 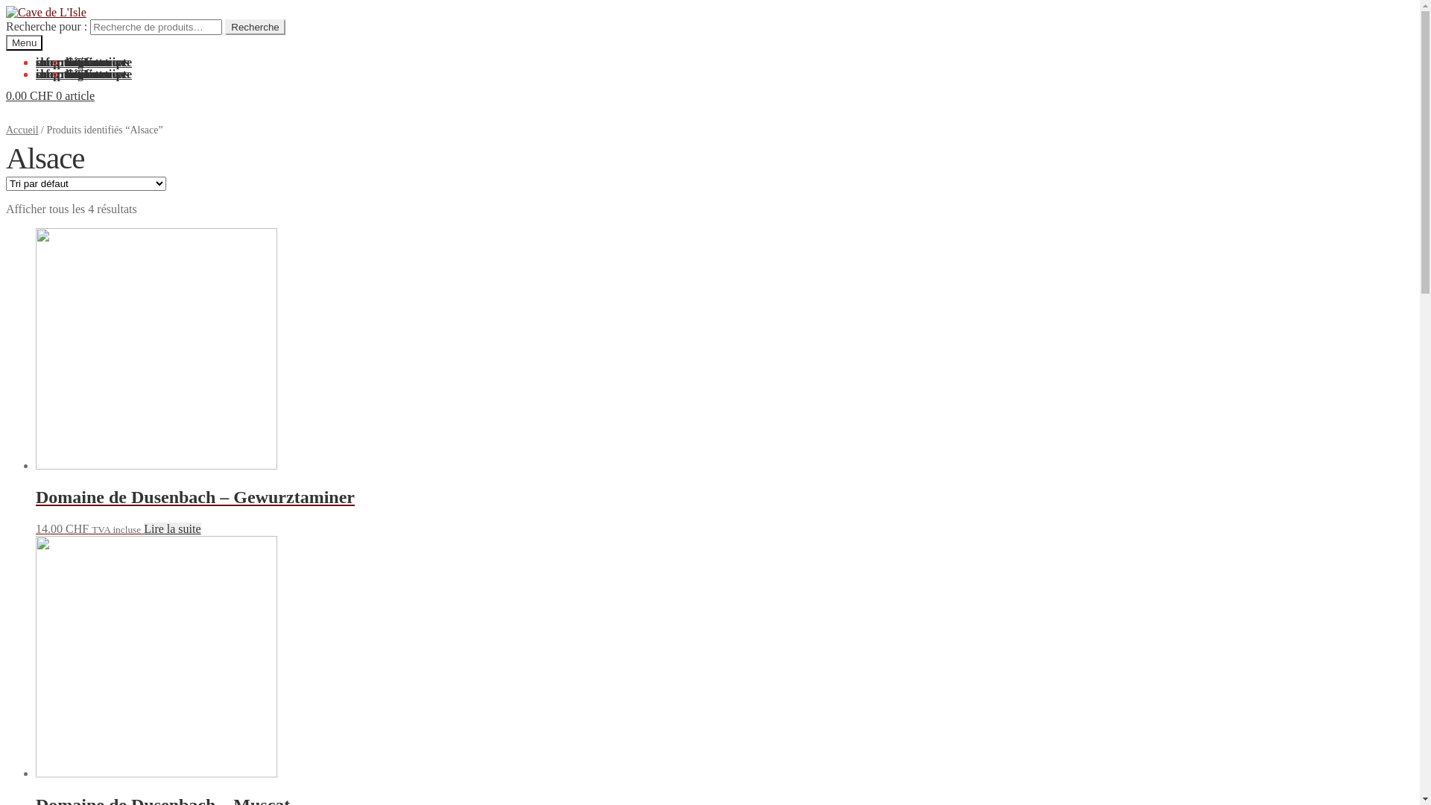 What do you see at coordinates (171, 528) in the screenshot?
I see `'Lire la suite'` at bounding box center [171, 528].